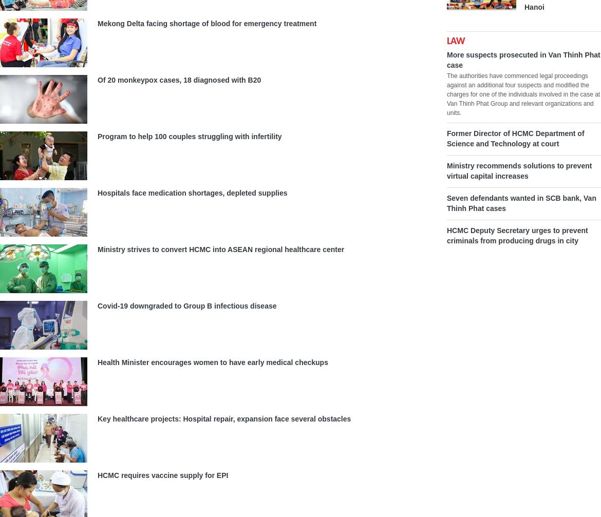 The image size is (601, 517). What do you see at coordinates (162, 474) in the screenshot?
I see `'HCMC requires vaccine supply for EPI'` at bounding box center [162, 474].